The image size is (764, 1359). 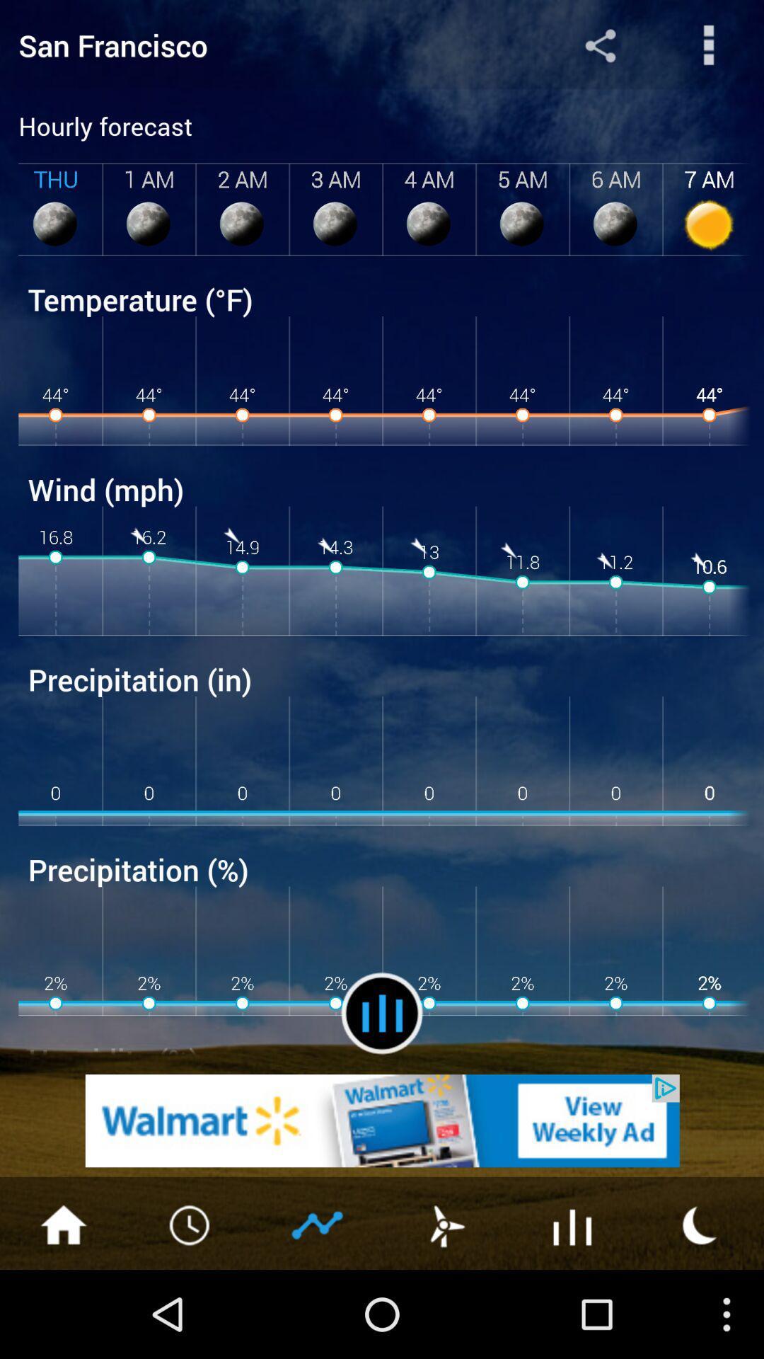 What do you see at coordinates (62, 1223) in the screenshot?
I see `go home` at bounding box center [62, 1223].